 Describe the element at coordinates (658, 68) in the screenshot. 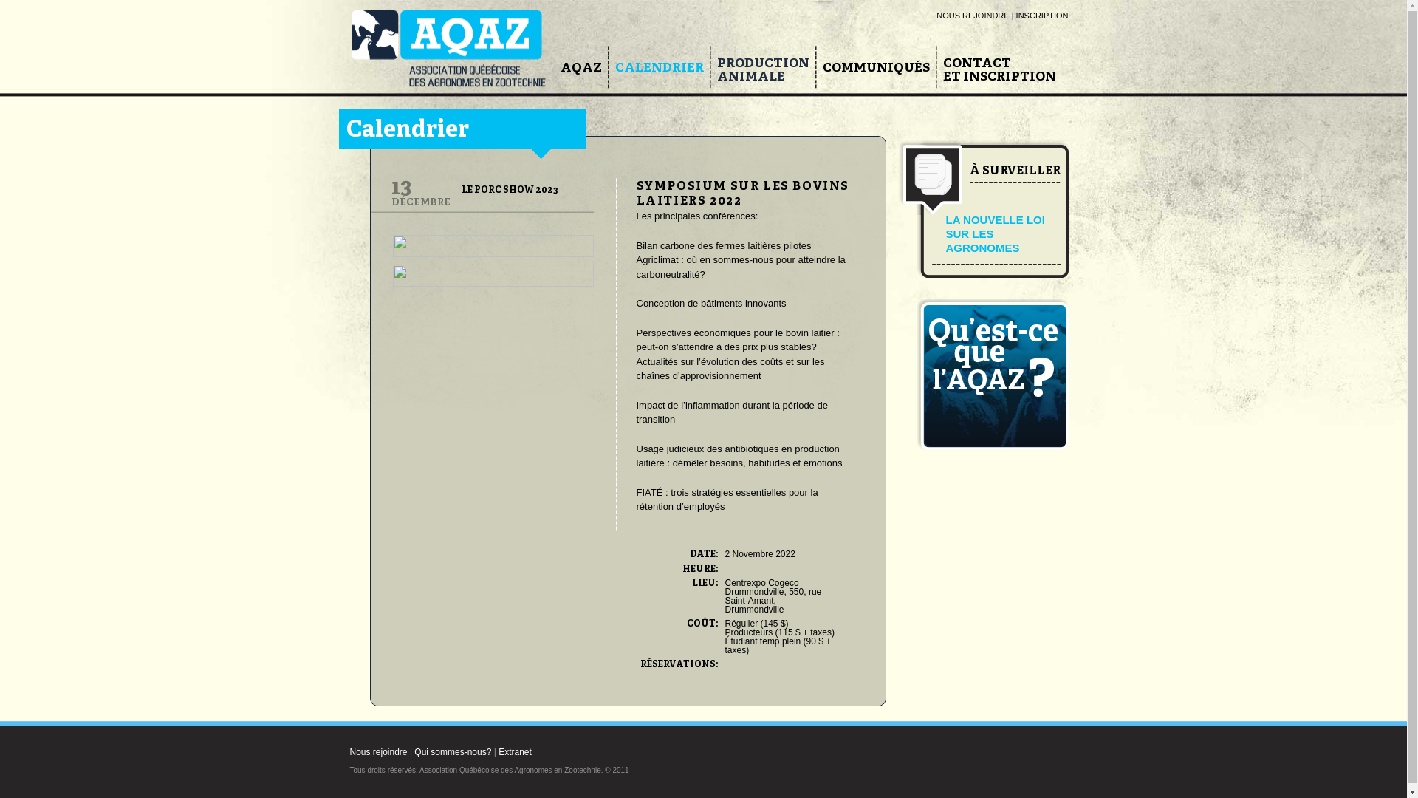

I see `'CALENDRIER'` at that location.